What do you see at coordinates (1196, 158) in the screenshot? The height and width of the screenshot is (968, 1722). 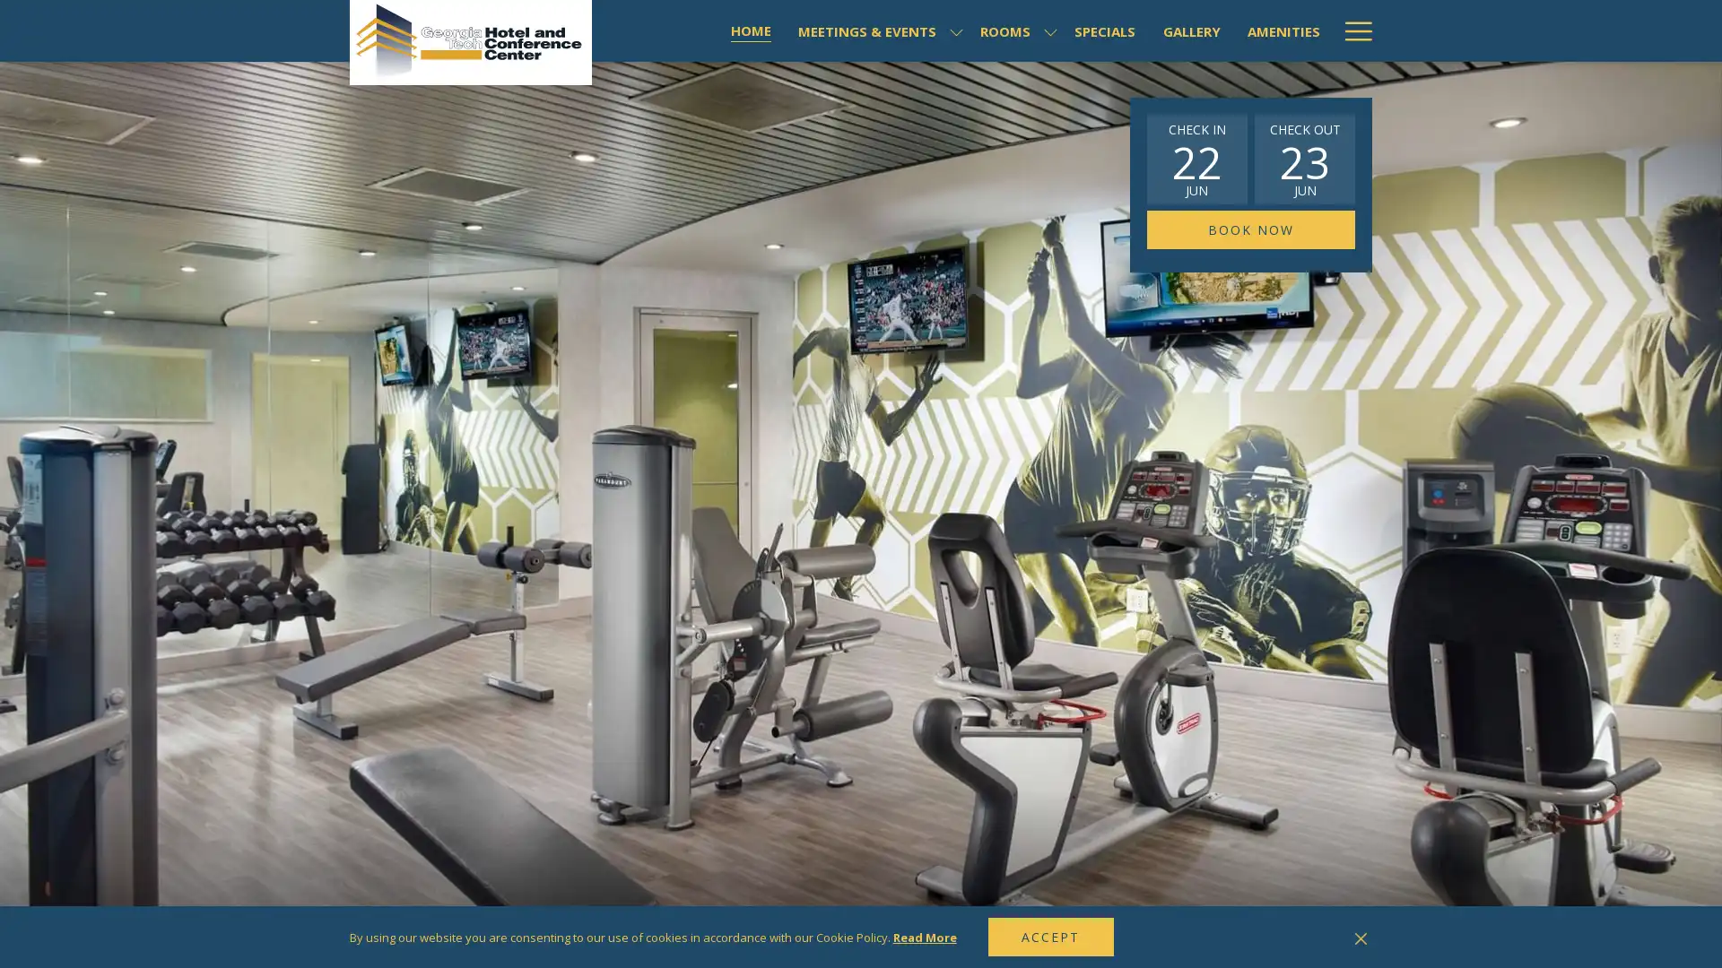 I see `This button opens the calendar to select check in date.` at bounding box center [1196, 158].